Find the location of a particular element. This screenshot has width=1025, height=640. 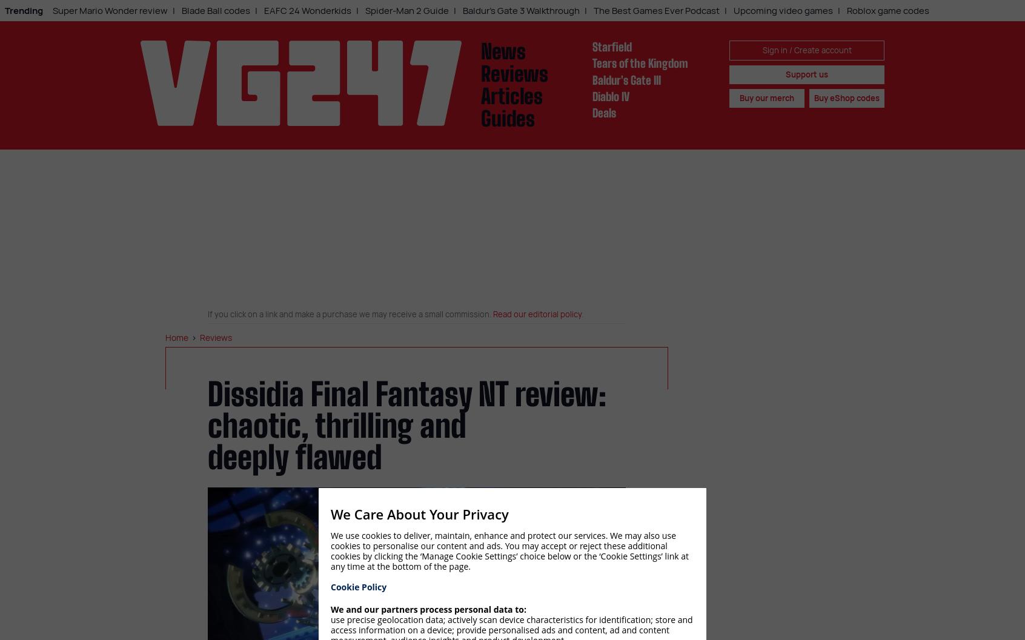

'News' is located at coordinates (503, 50).